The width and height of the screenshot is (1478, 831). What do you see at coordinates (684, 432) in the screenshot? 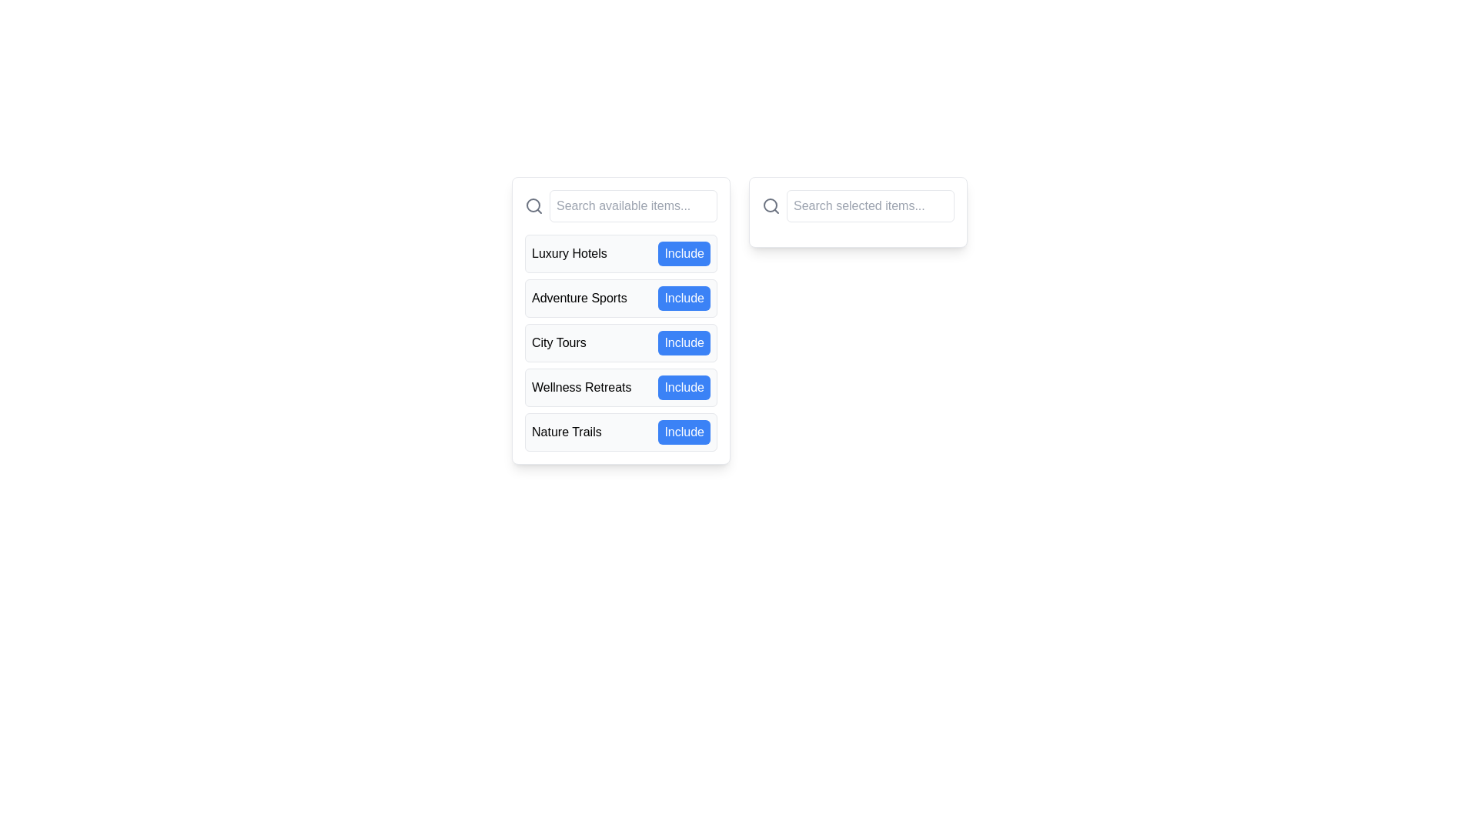
I see `the button located to the right of the 'Nature Trails' label in the fifth row of items` at bounding box center [684, 432].